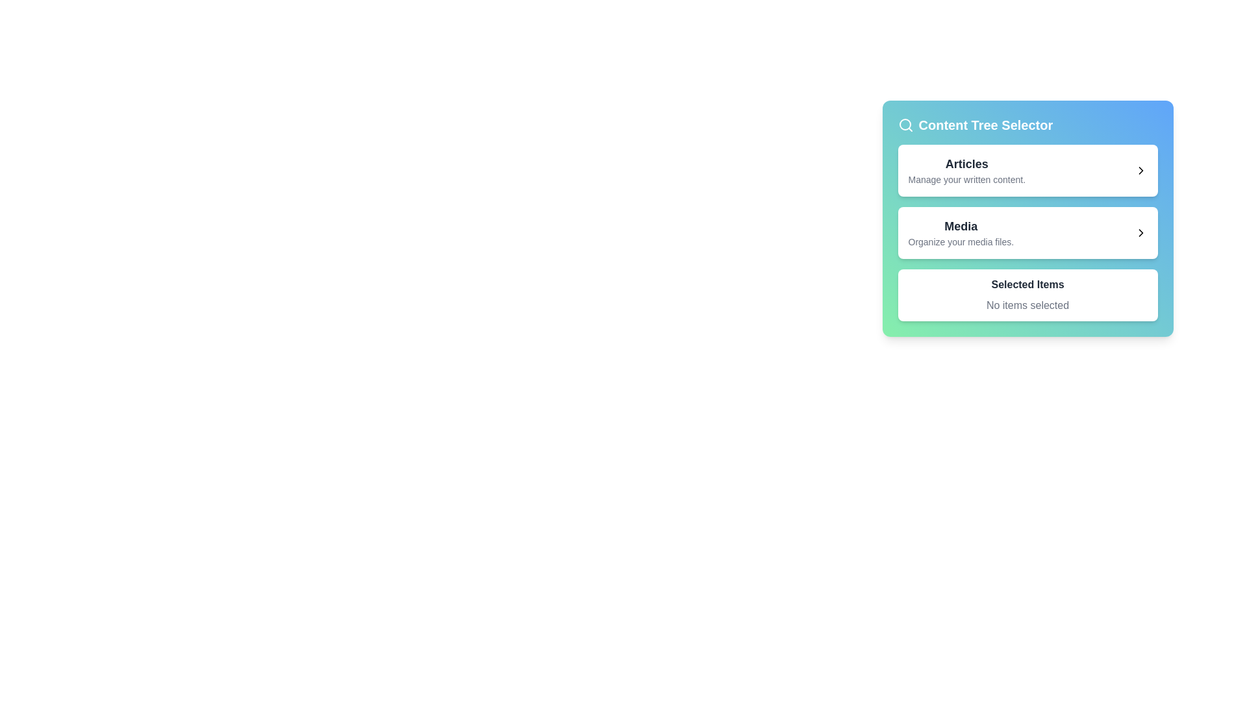  What do you see at coordinates (1027, 232) in the screenshot?
I see `to select the second menu item in the vertical list located in the card UI, positioned between 'Articles' and 'Selected Items'` at bounding box center [1027, 232].